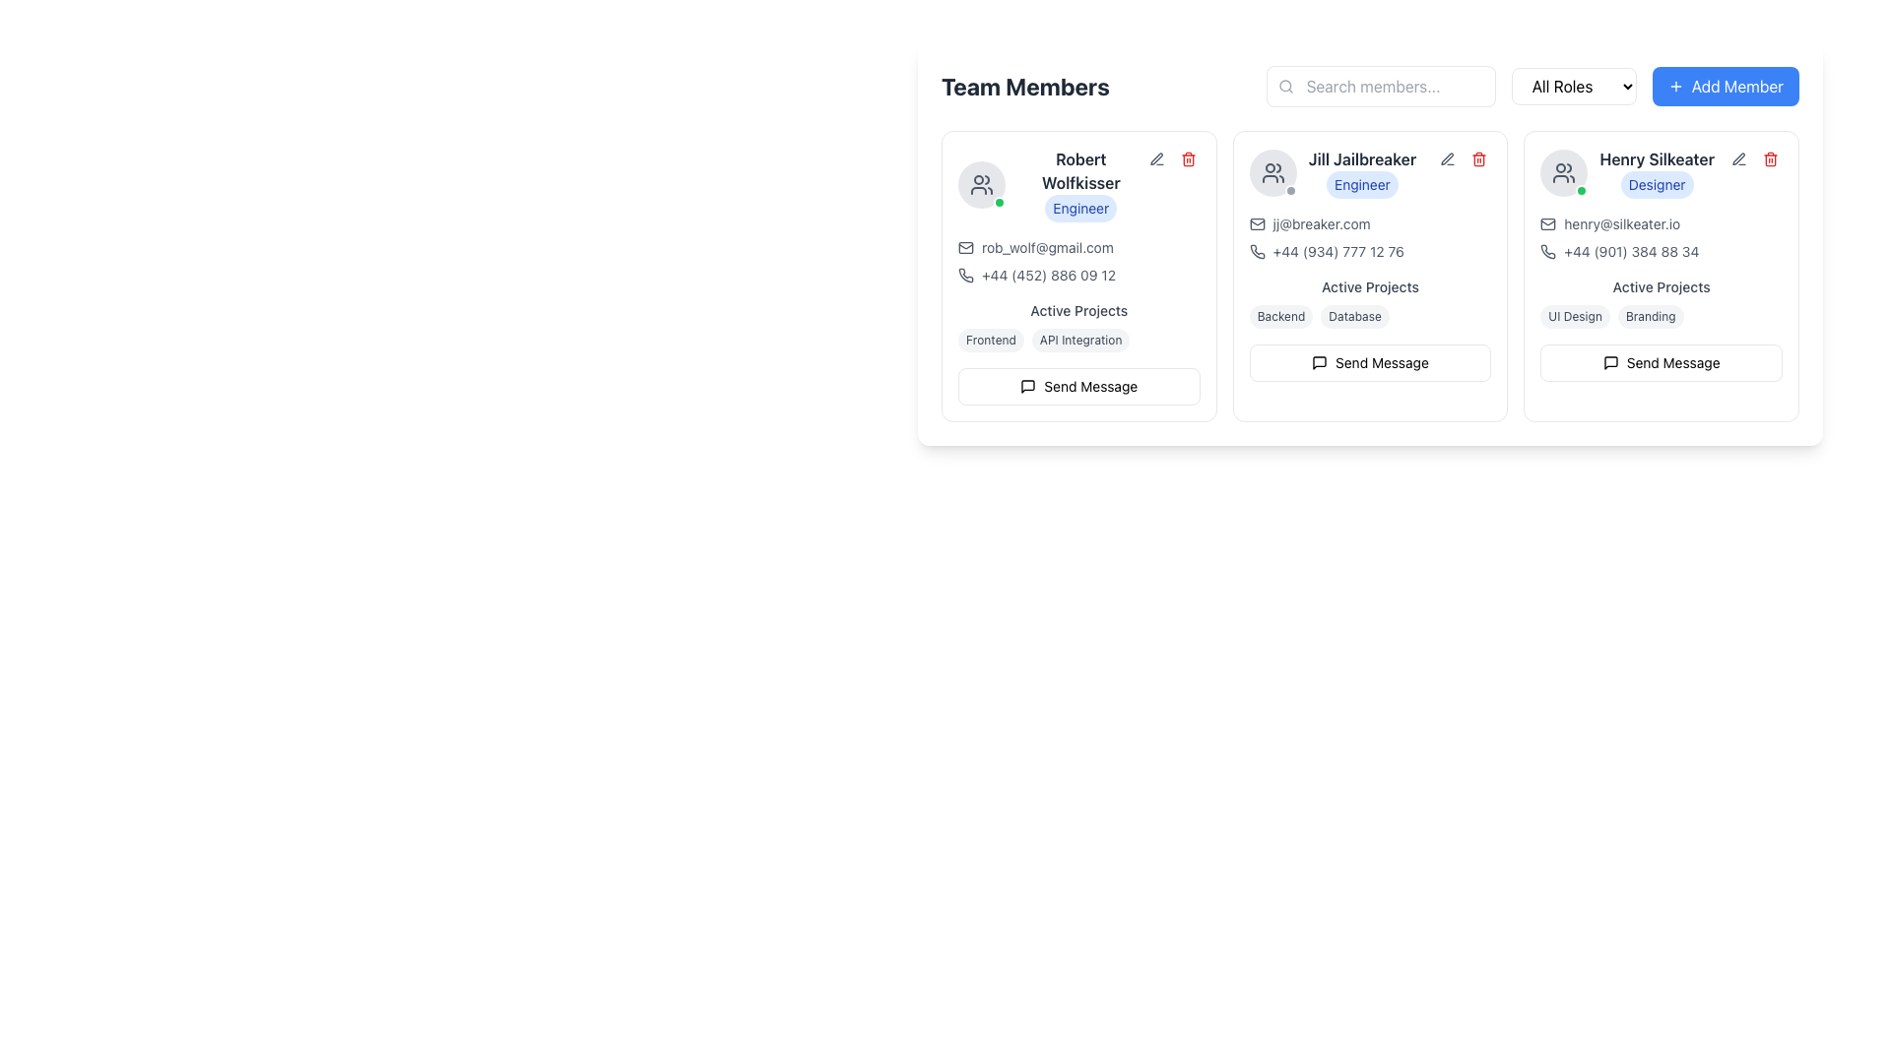 The image size is (1891, 1063). I want to click on the Status Indicator located at the bottom-right corner of Henry Silkeater's circular profile image, so click(1582, 190).